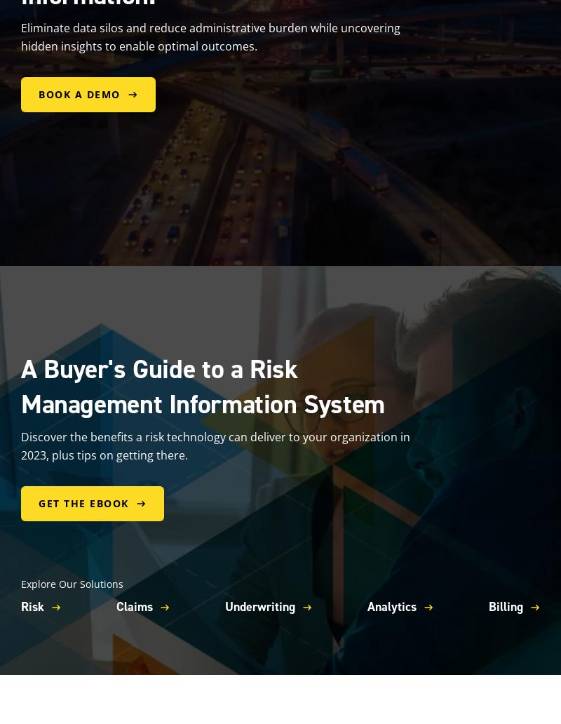  Describe the element at coordinates (134, 607) in the screenshot. I see `'Claims'` at that location.